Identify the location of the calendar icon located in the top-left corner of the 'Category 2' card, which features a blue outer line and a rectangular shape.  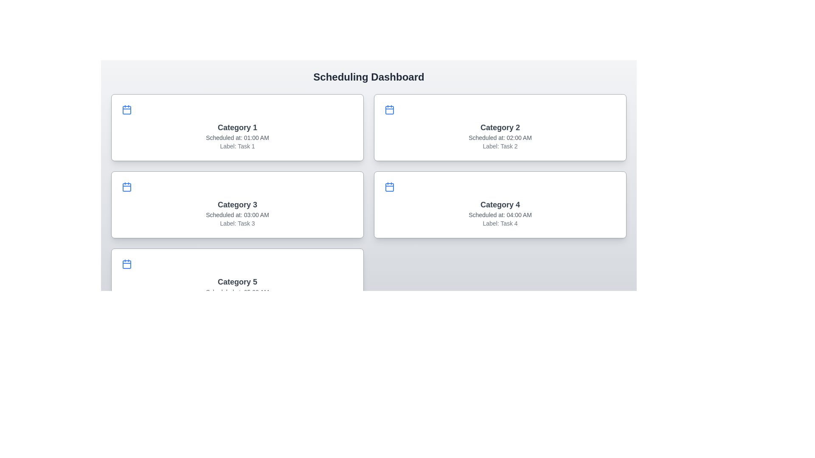
(389, 109).